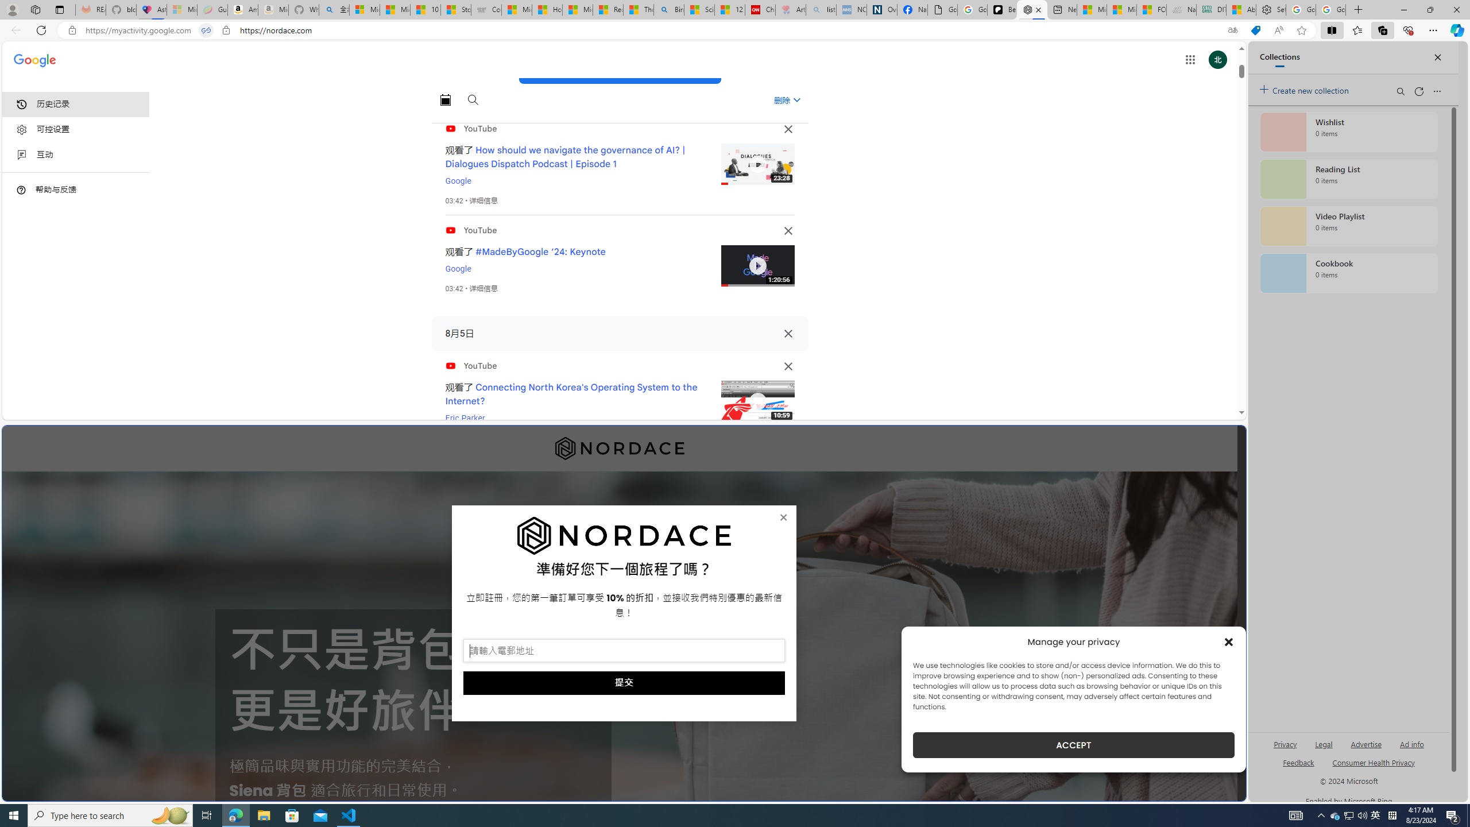  I want to click on 'Class: i2GIId', so click(21, 154).